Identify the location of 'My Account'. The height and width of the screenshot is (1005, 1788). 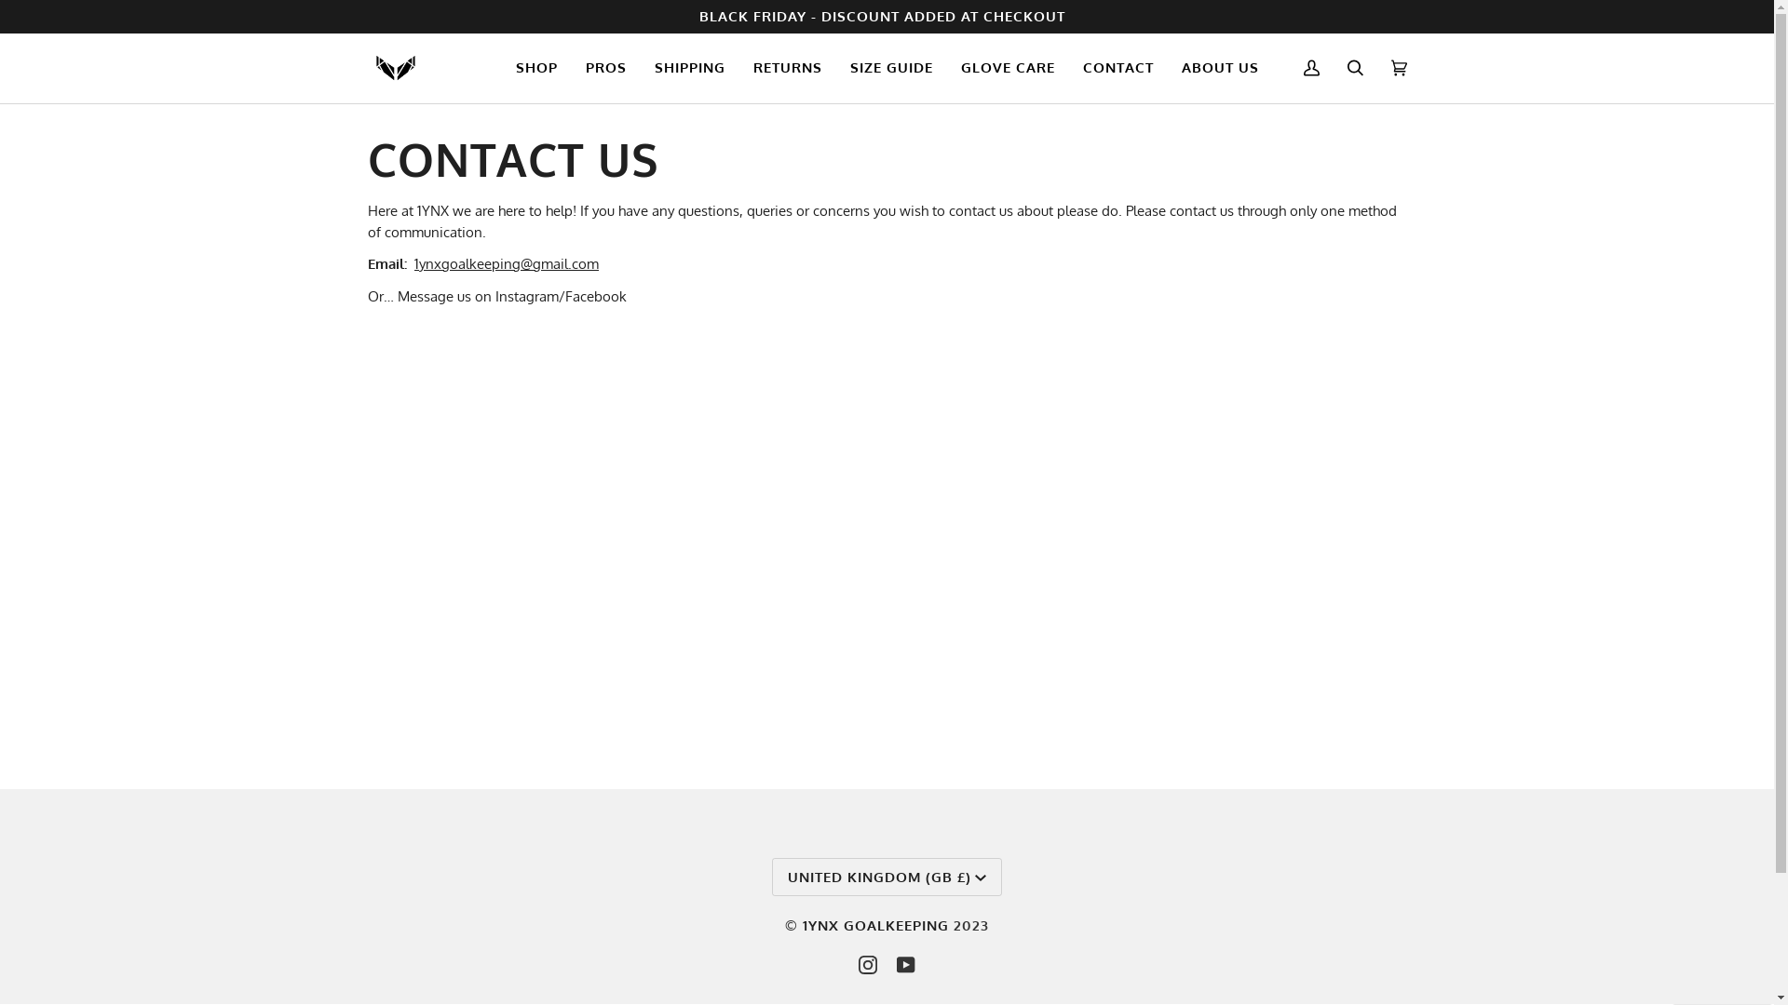
(1309, 67).